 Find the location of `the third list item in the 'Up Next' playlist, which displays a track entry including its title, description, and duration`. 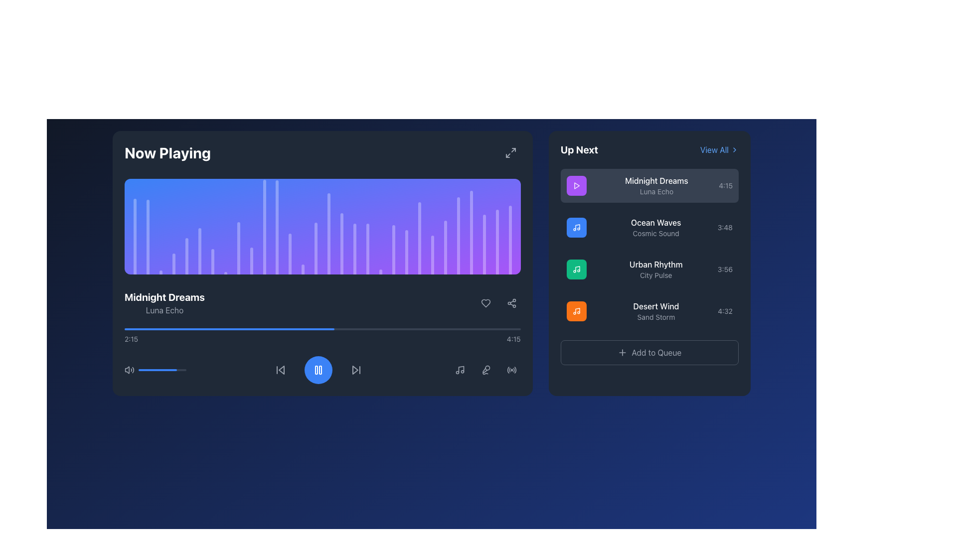

the third list item in the 'Up Next' playlist, which displays a track entry including its title, description, and duration is located at coordinates (649, 269).